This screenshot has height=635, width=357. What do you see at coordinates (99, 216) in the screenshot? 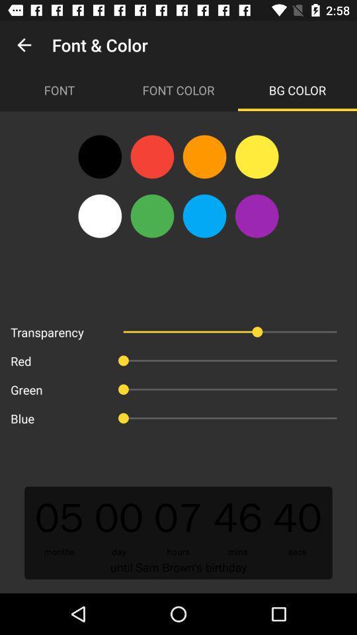
I see `the avatar icon` at bounding box center [99, 216].